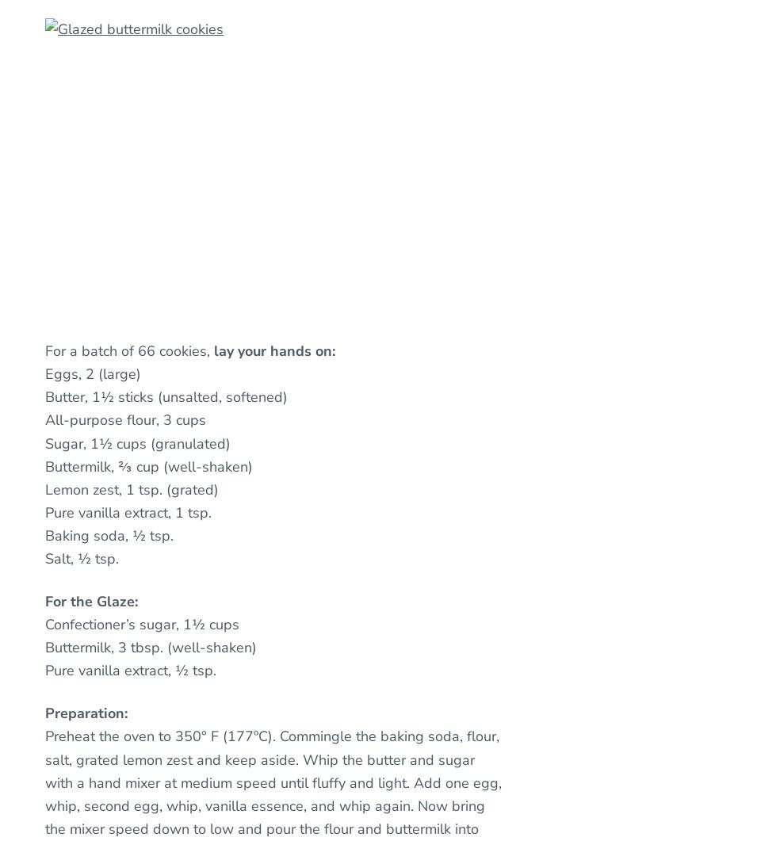  What do you see at coordinates (137, 442) in the screenshot?
I see `'Sugar, 1½ cups (granulated)'` at bounding box center [137, 442].